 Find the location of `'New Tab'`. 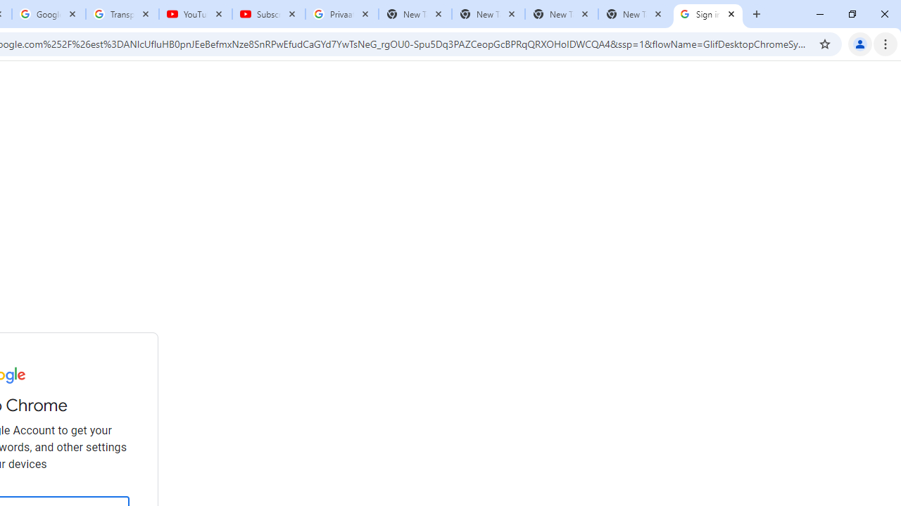

'New Tab' is located at coordinates (634, 14).